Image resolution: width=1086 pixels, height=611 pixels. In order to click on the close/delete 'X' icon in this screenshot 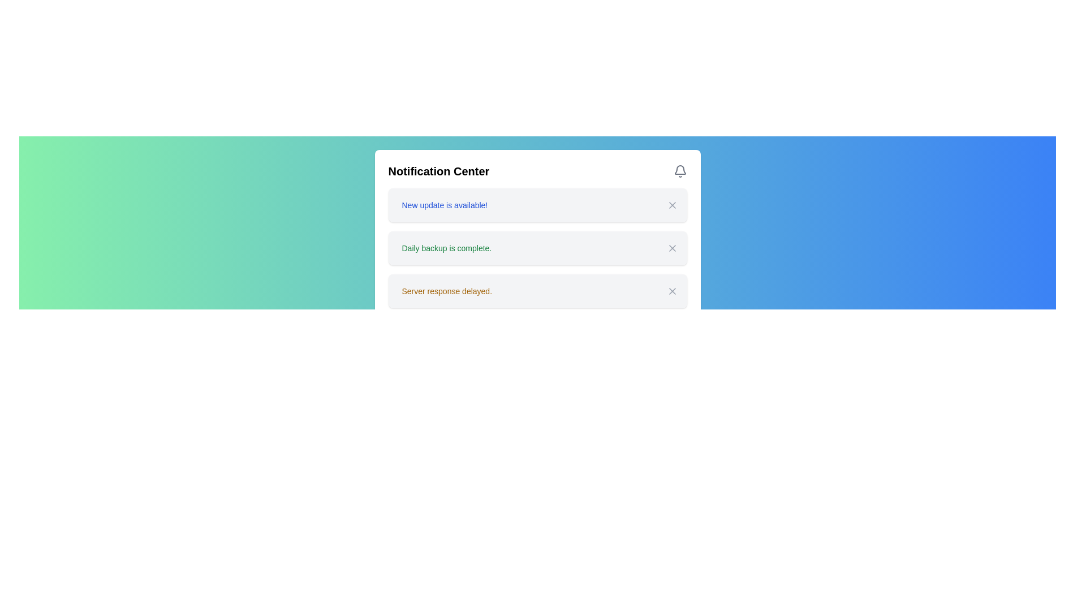, I will do `click(672, 205)`.